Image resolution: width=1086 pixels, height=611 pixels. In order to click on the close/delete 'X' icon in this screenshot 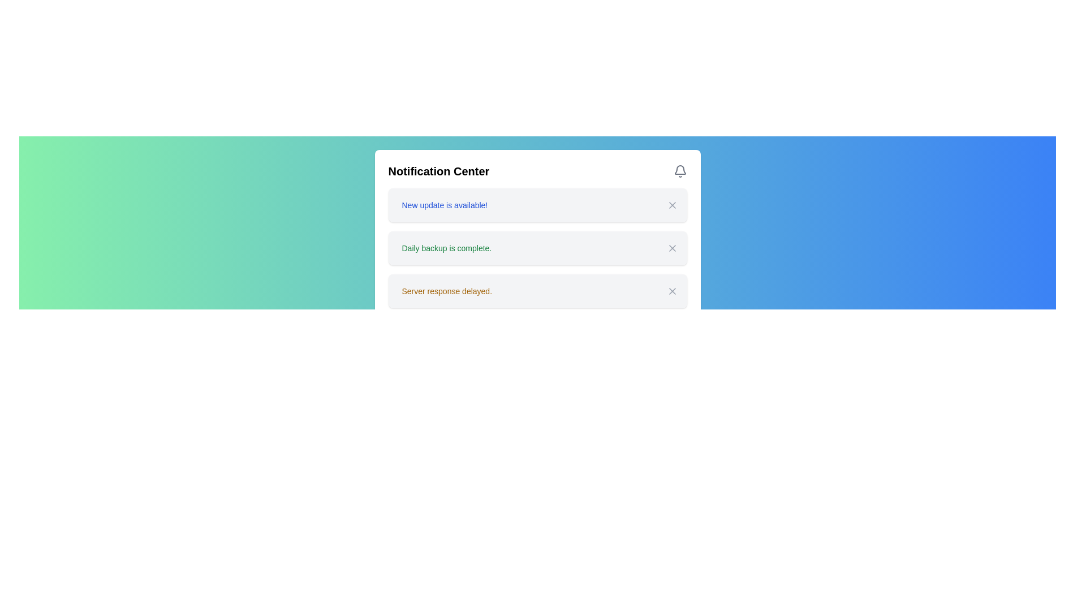, I will do `click(672, 205)`.